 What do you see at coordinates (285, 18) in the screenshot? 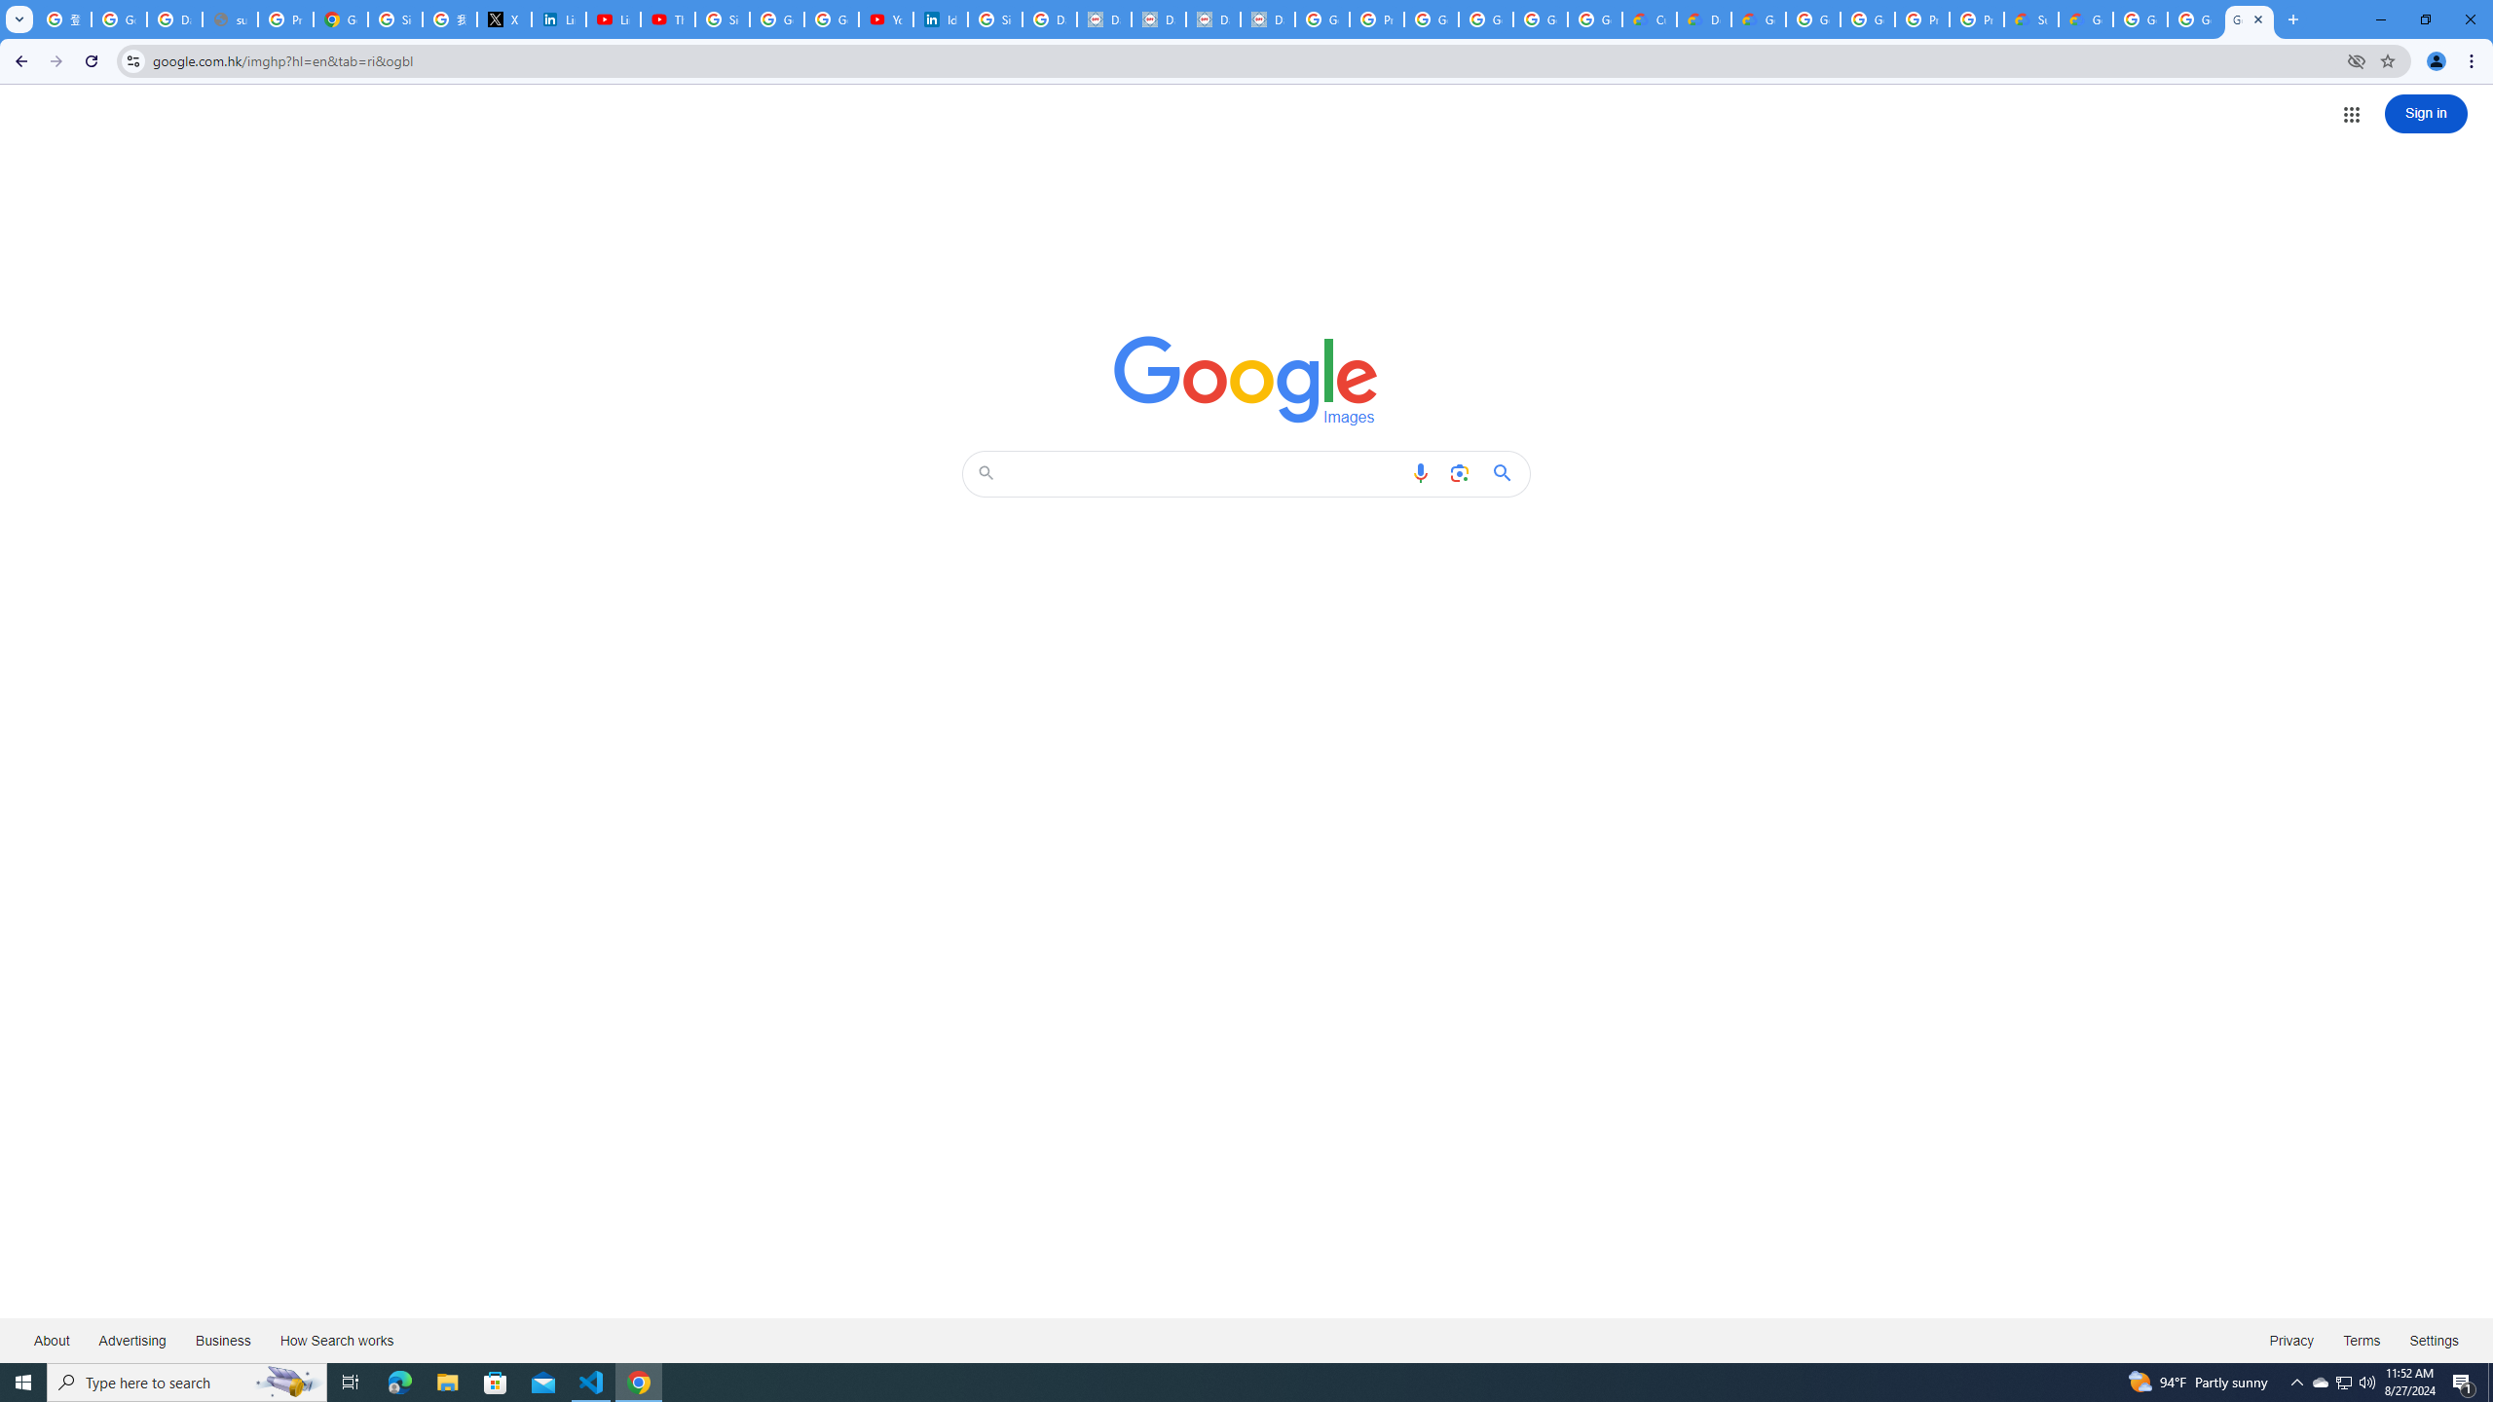
I see `'Privacy Help Center - Policies Help'` at bounding box center [285, 18].